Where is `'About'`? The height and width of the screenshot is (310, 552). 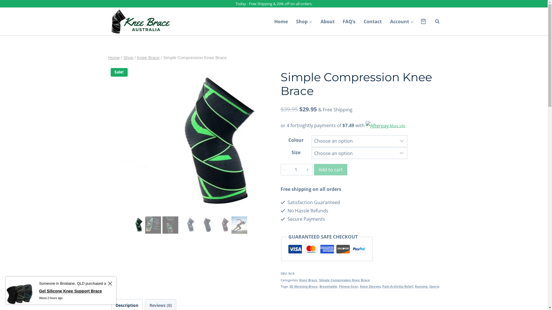 'About' is located at coordinates (327, 21).